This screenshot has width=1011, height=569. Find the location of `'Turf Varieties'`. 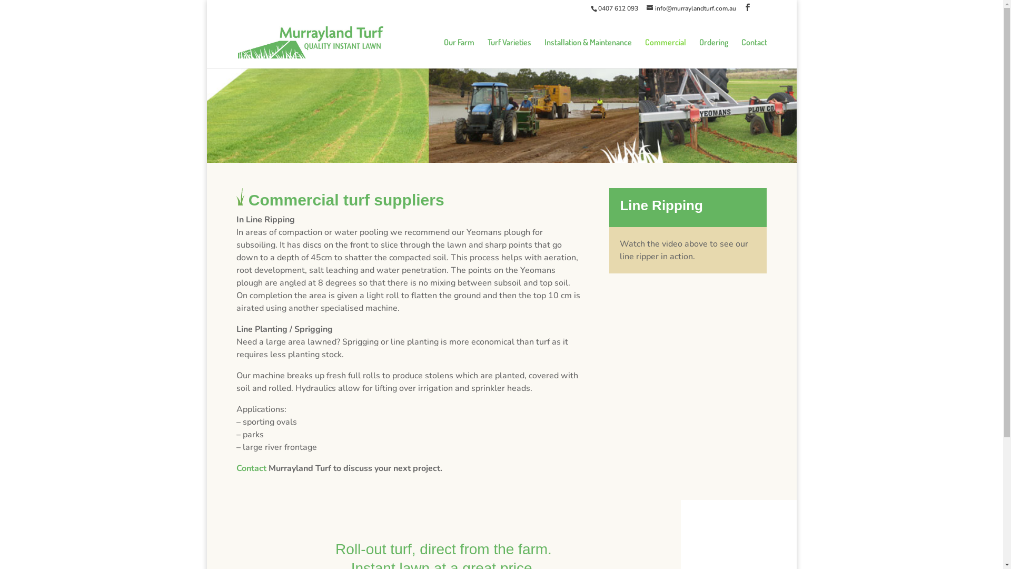

'Turf Varieties' is located at coordinates (487, 53).